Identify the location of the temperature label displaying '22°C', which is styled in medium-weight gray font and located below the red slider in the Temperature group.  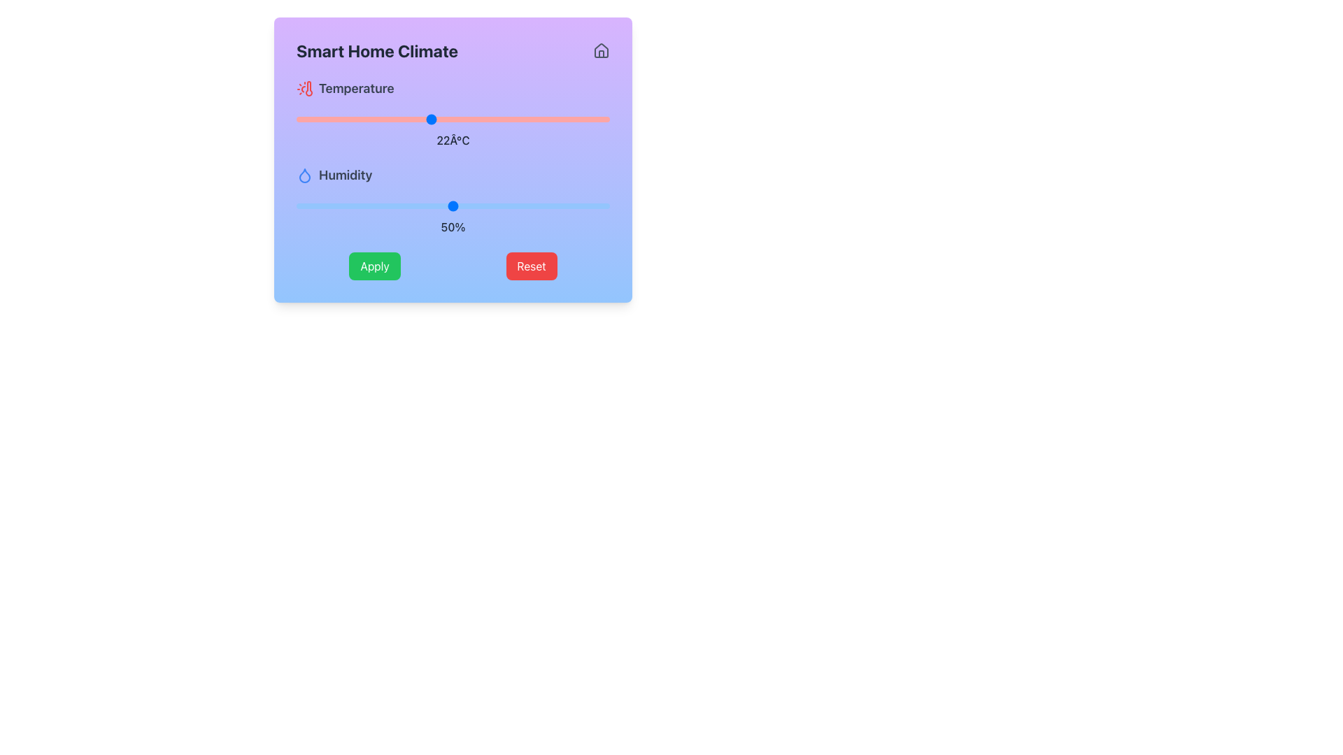
(453, 140).